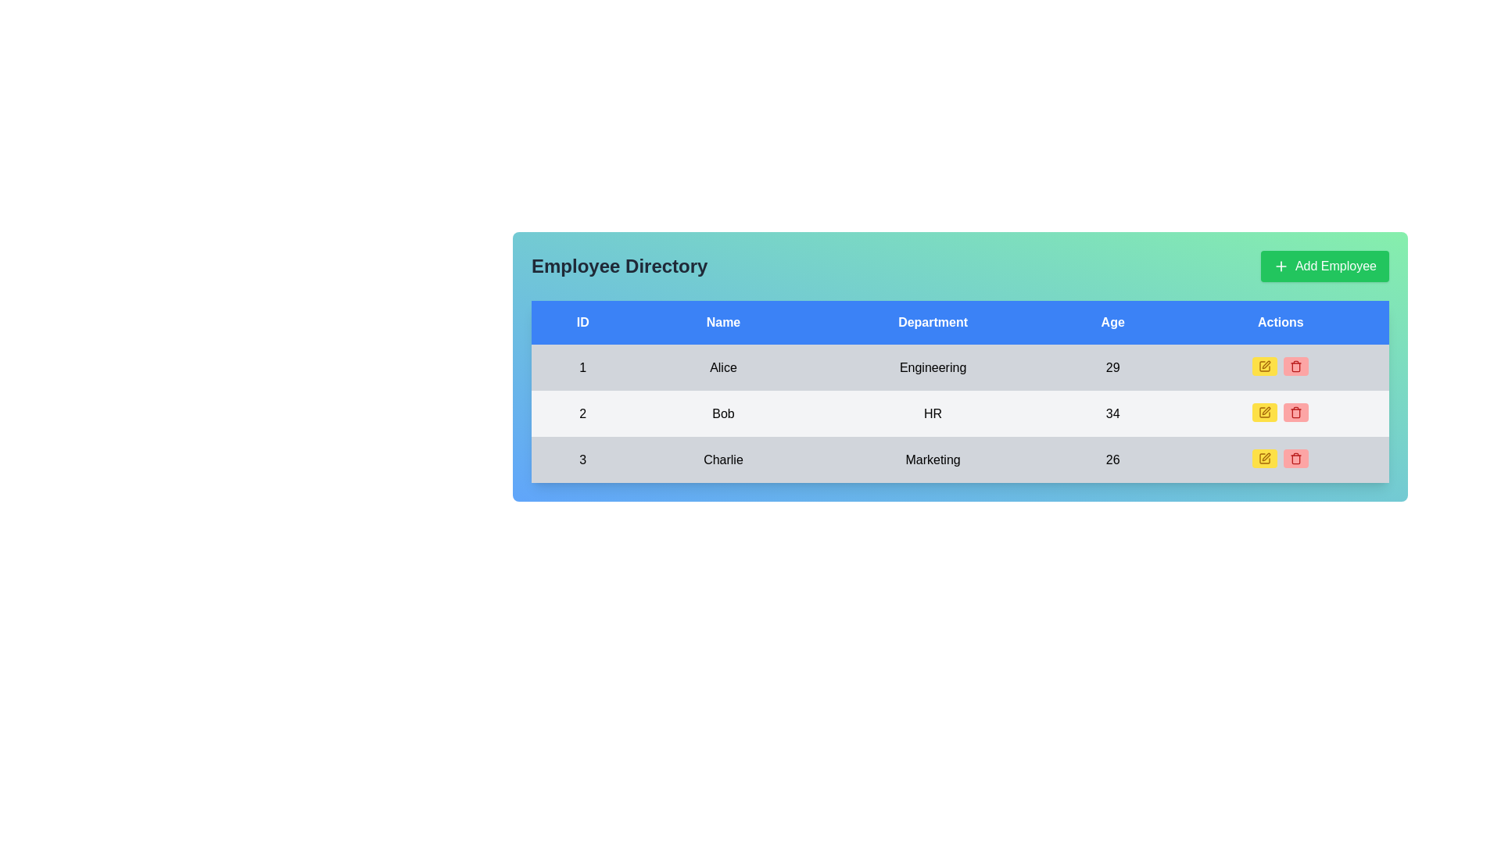  I want to click on the delete button in the 'Actions' column for the employee 'Bob' in the 'Employee Directory' table, so click(1296, 412).